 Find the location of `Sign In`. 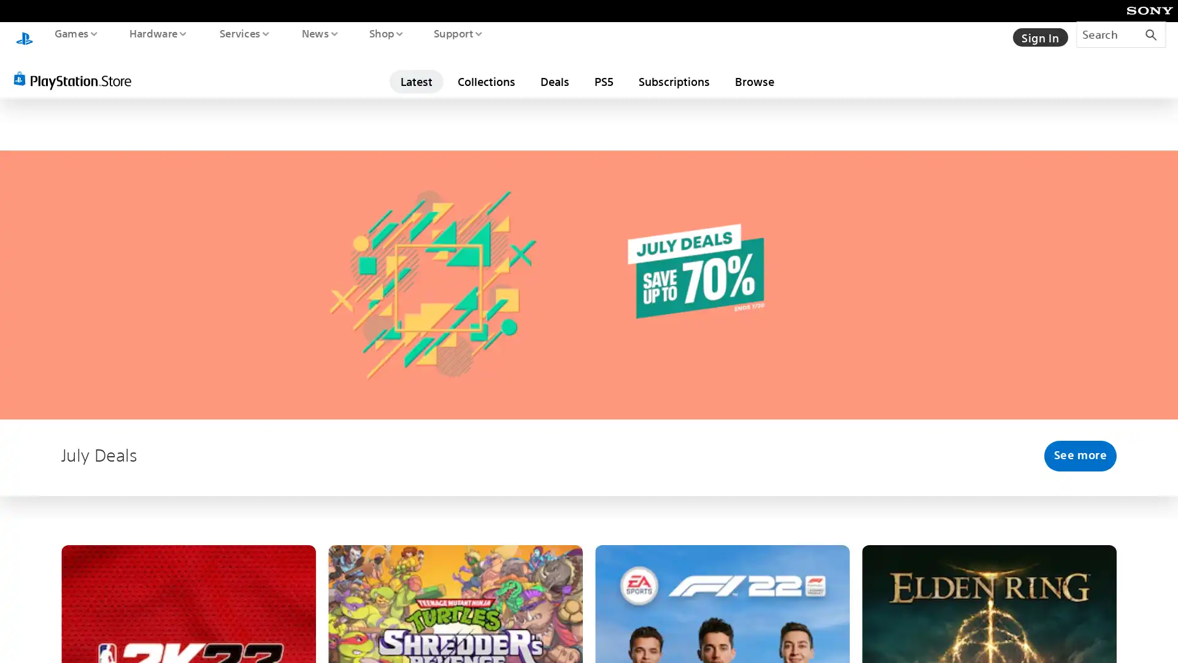

Sign In is located at coordinates (1039, 34).